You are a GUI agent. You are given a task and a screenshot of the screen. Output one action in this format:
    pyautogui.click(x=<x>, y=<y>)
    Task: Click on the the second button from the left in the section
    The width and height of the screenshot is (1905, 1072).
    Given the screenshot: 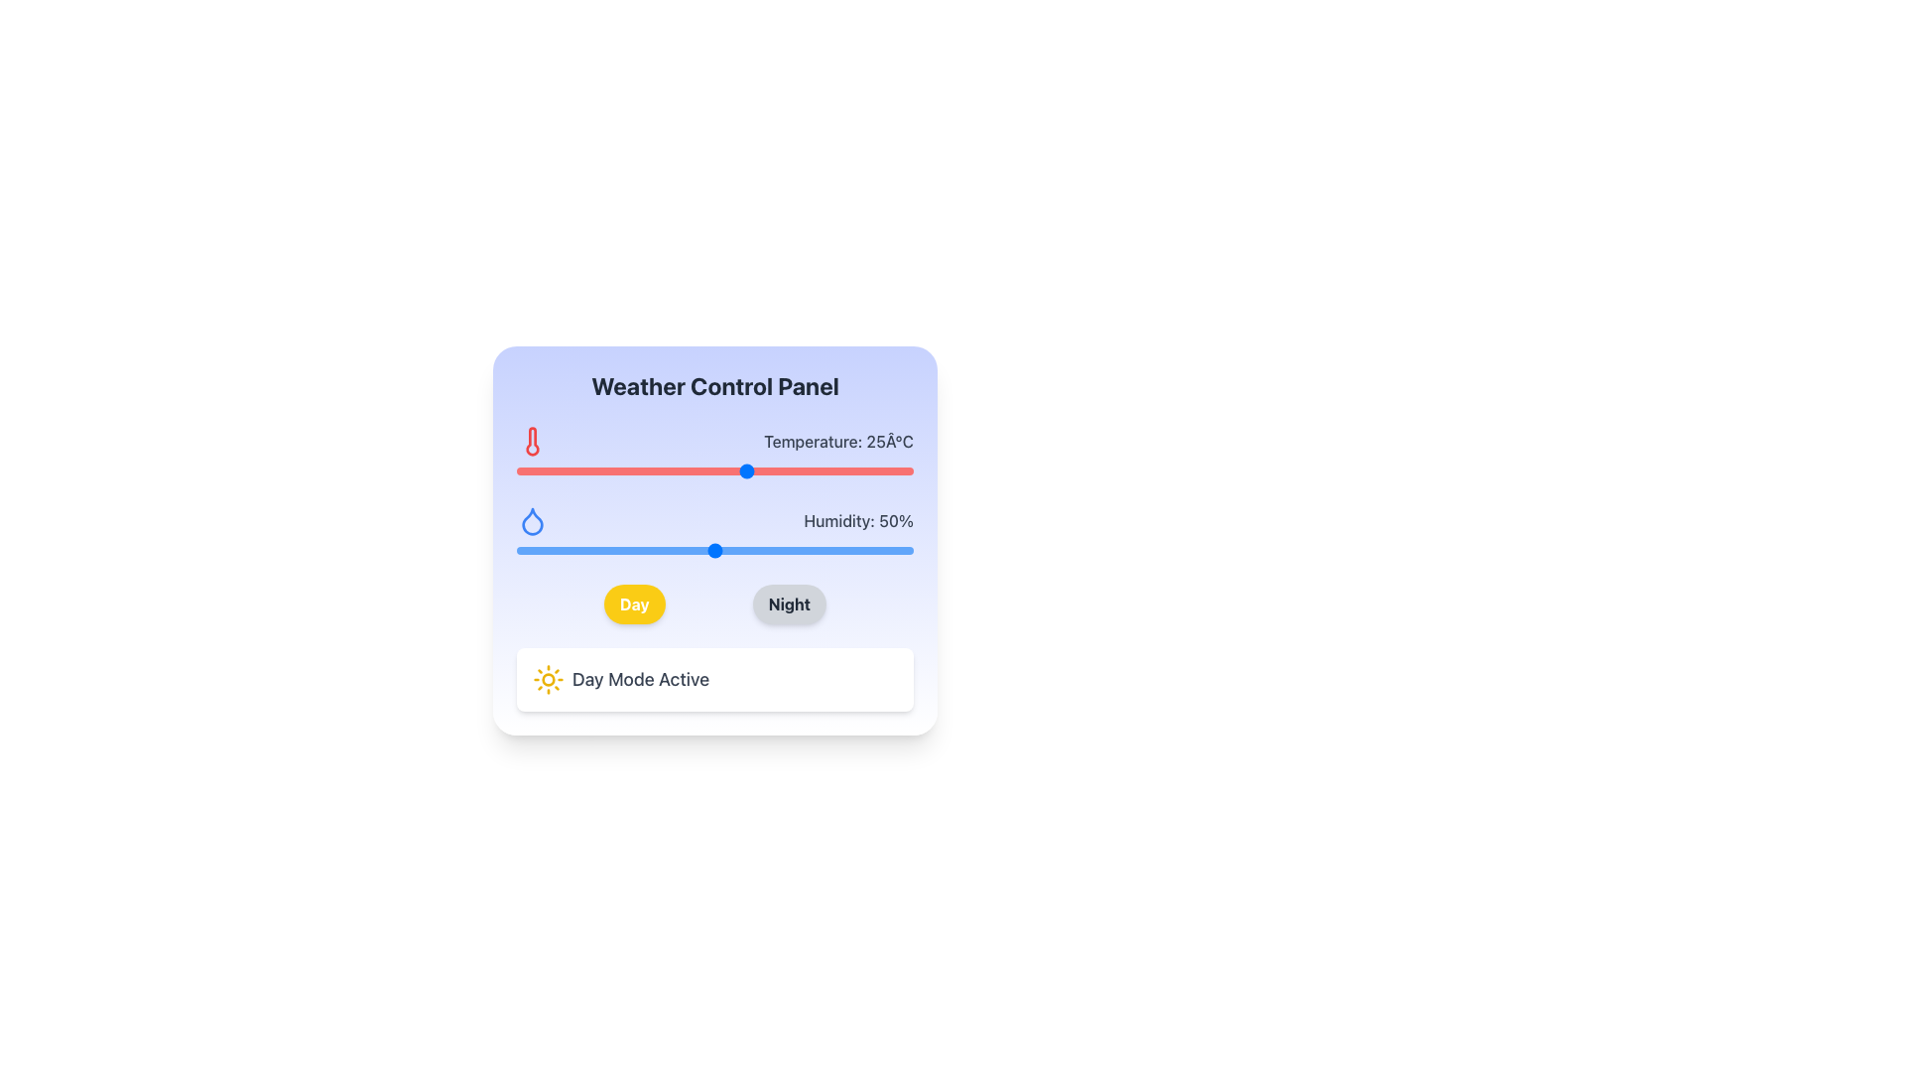 What is the action you would take?
    pyautogui.click(x=788, y=603)
    